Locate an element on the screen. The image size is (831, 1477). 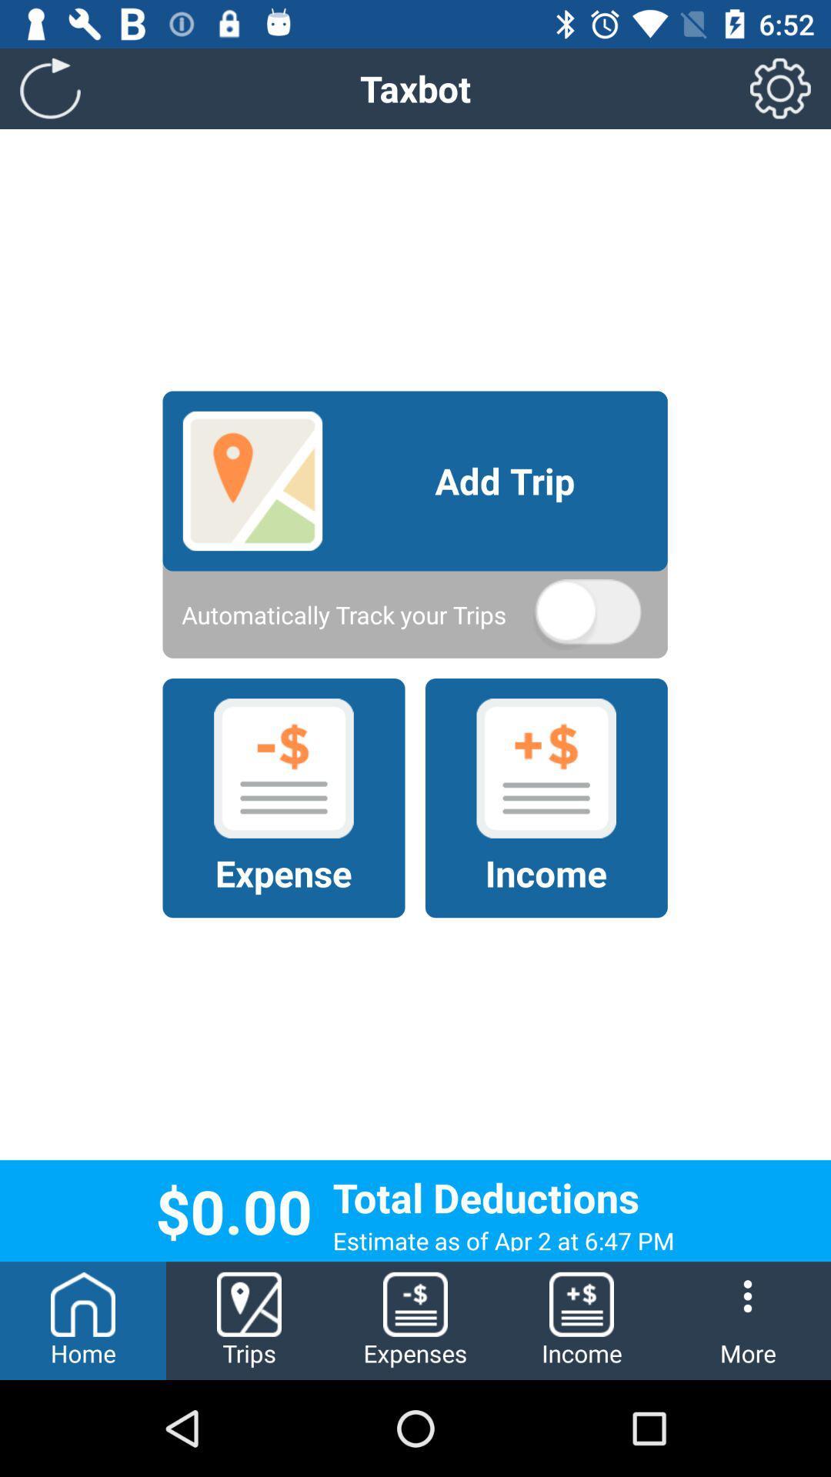
app to the left of taxbot app is located at coordinates (49, 88).